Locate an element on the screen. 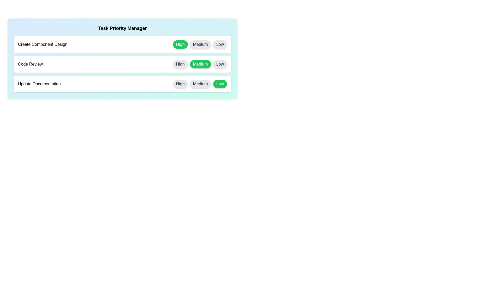 This screenshot has width=501, height=281. the priority button labeled Low for the task Code Review is located at coordinates (220, 64).